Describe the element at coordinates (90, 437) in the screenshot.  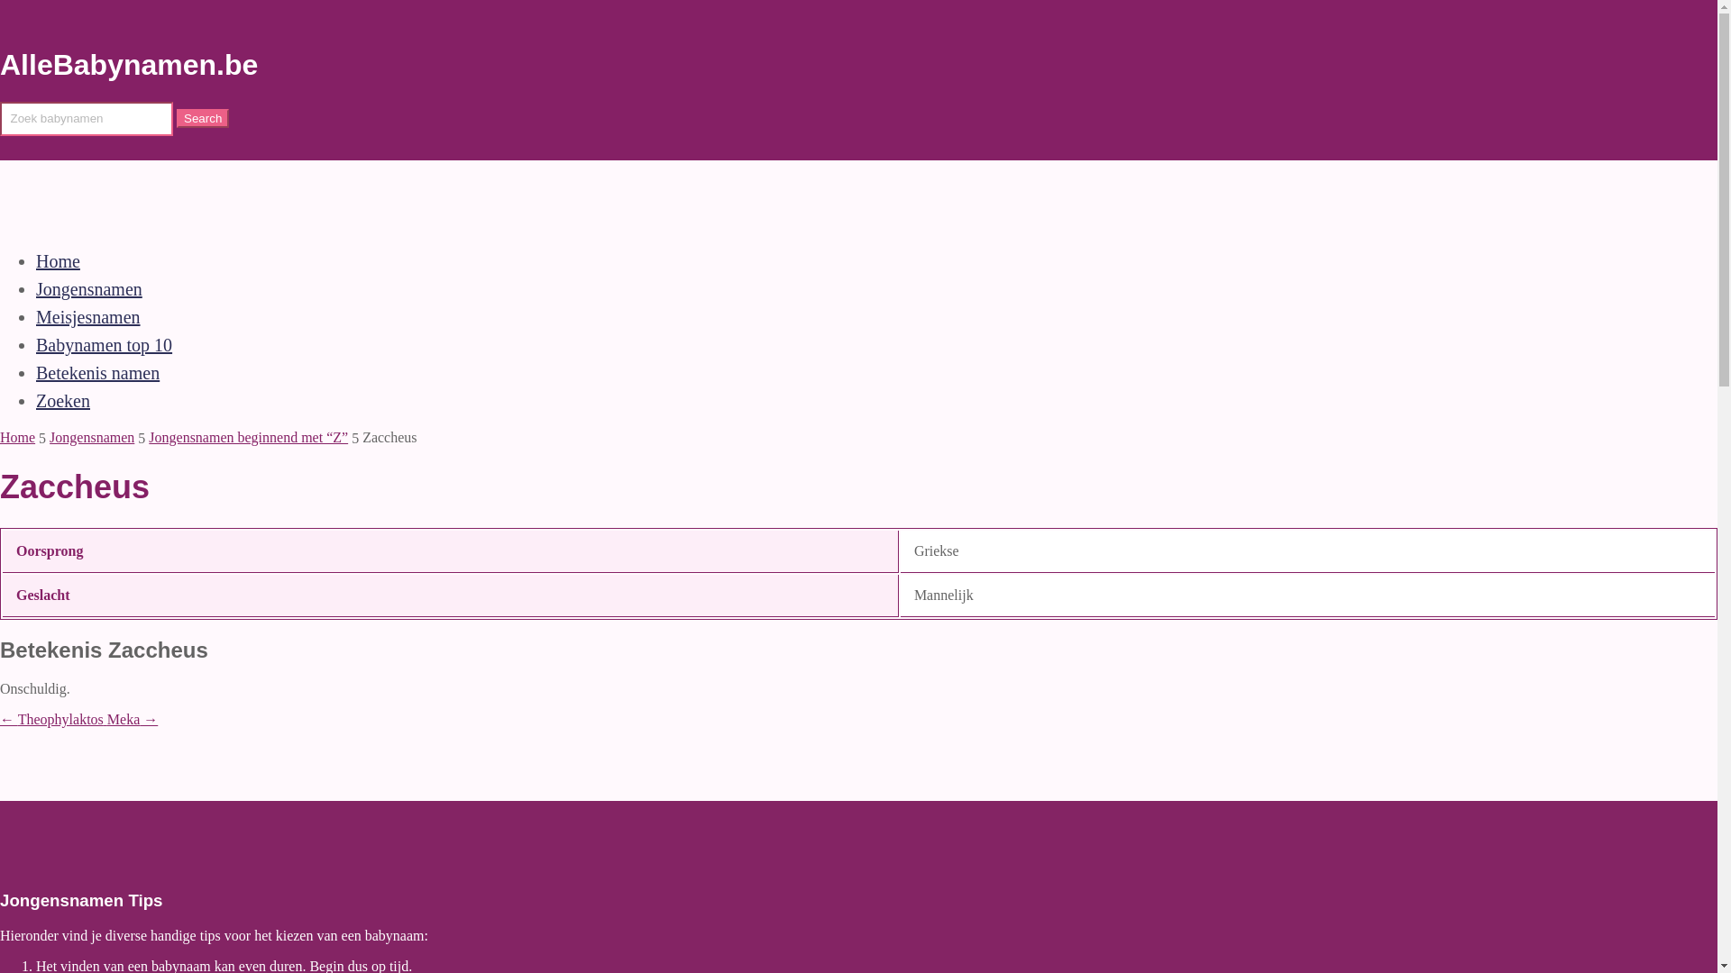
I see `'Jongensnamen'` at that location.